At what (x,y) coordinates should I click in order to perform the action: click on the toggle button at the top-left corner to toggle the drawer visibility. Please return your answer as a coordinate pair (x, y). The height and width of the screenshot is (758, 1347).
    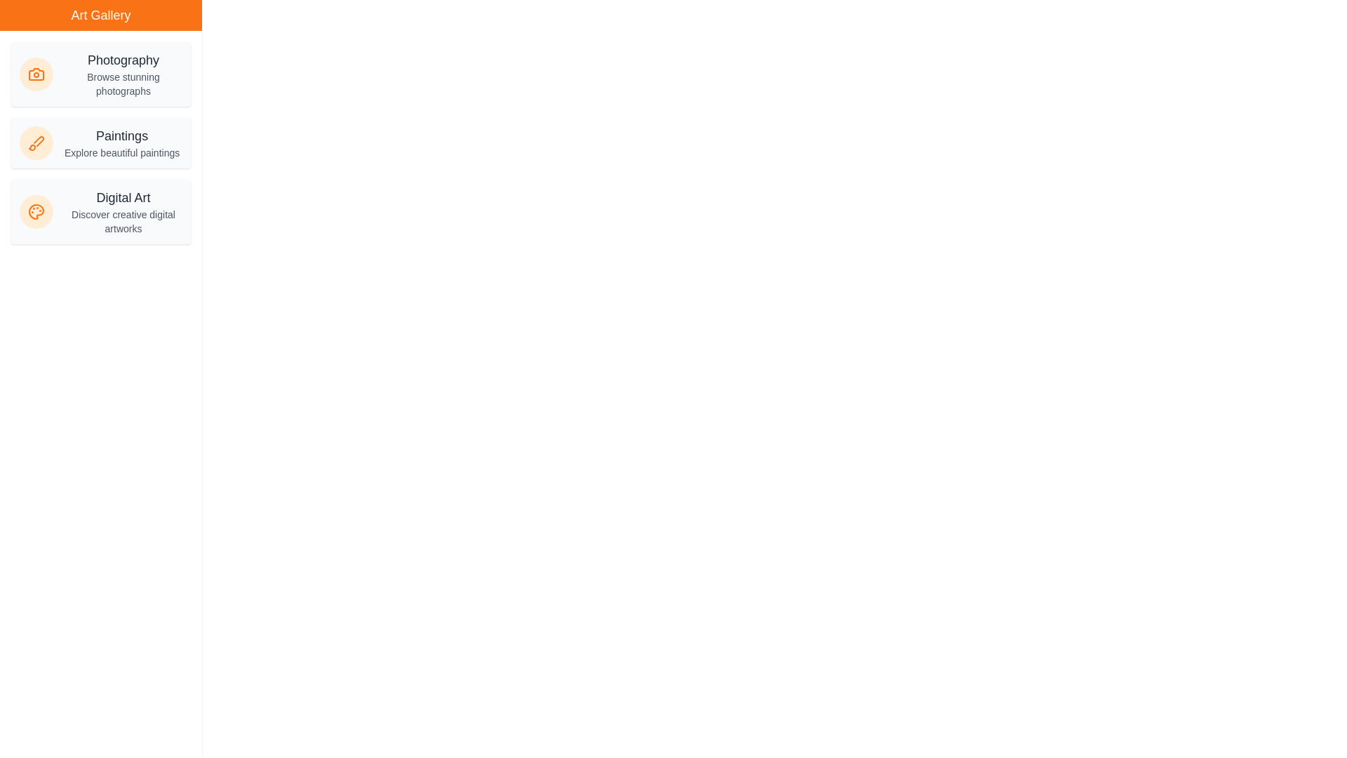
    Looking at the image, I should click on (27, 27).